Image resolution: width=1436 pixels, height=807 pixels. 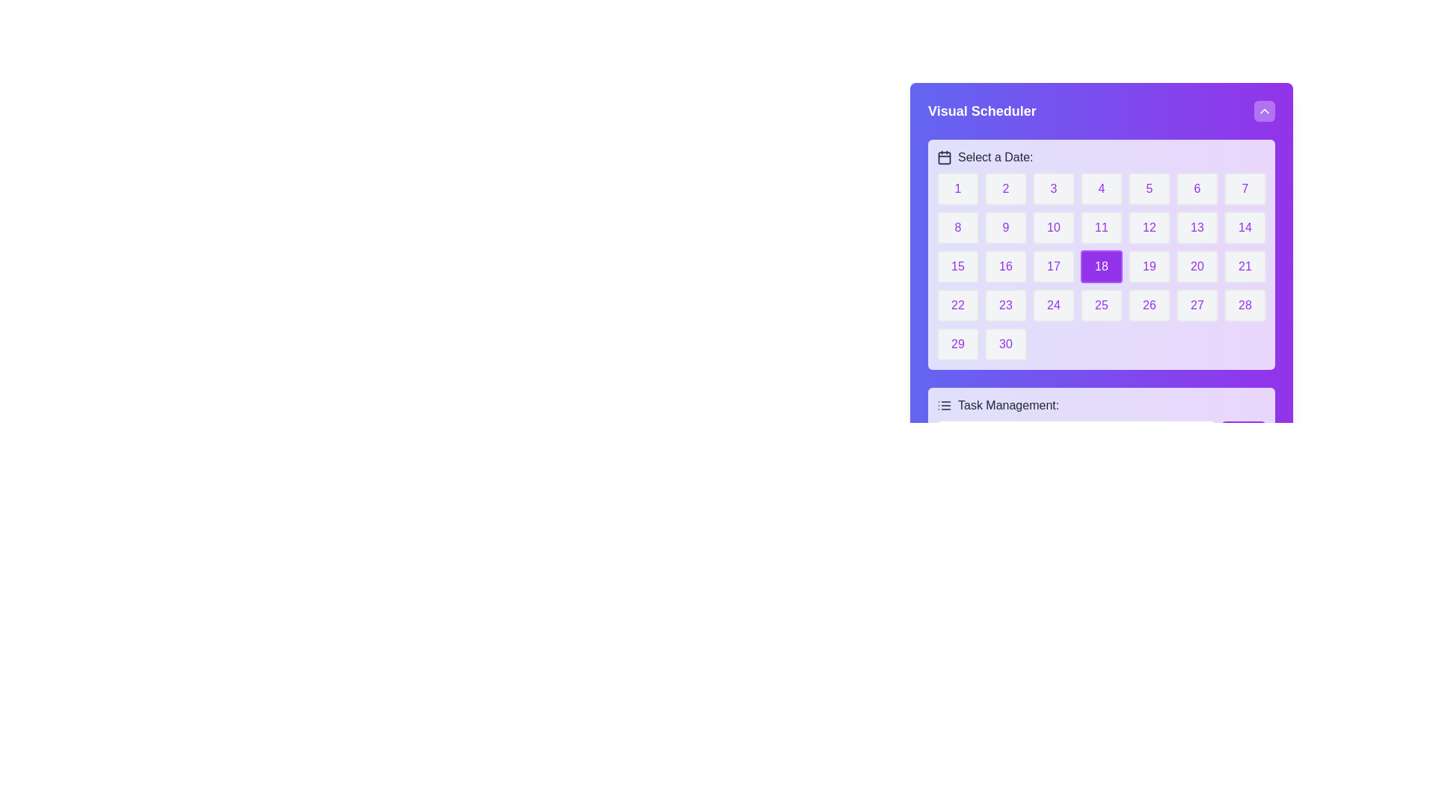 What do you see at coordinates (1148, 266) in the screenshot?
I see `the rounded rectangular button displaying the number '19' with a light gray background and purple text` at bounding box center [1148, 266].